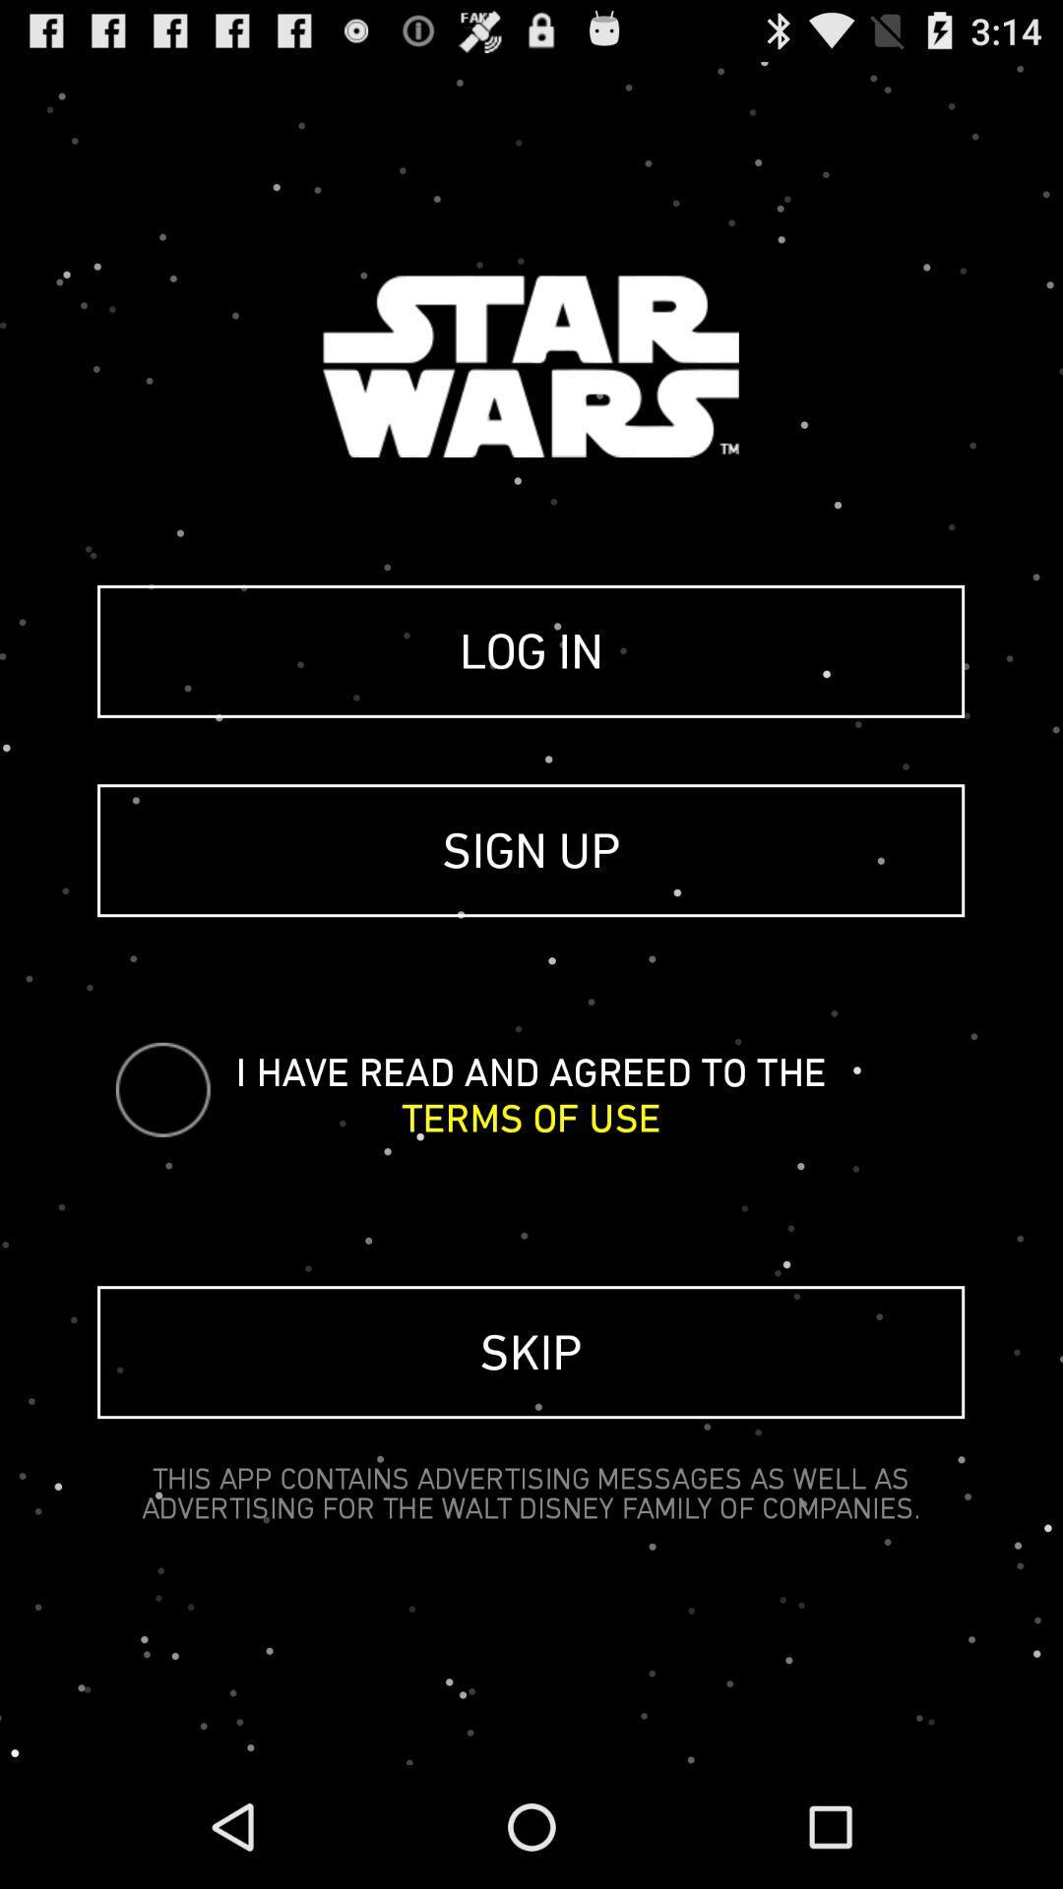 Image resolution: width=1063 pixels, height=1889 pixels. What do you see at coordinates (530, 850) in the screenshot?
I see `icon below the log in` at bounding box center [530, 850].